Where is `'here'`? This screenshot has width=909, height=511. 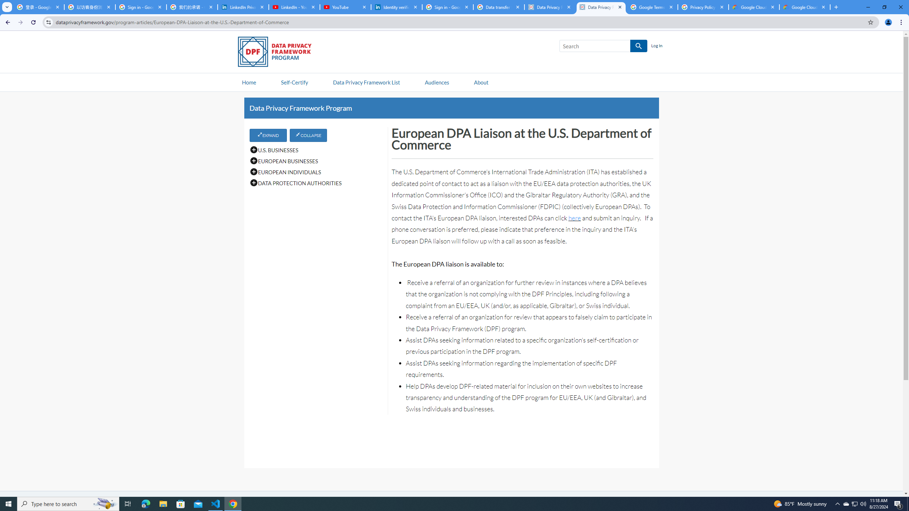 'here' is located at coordinates (574, 218).